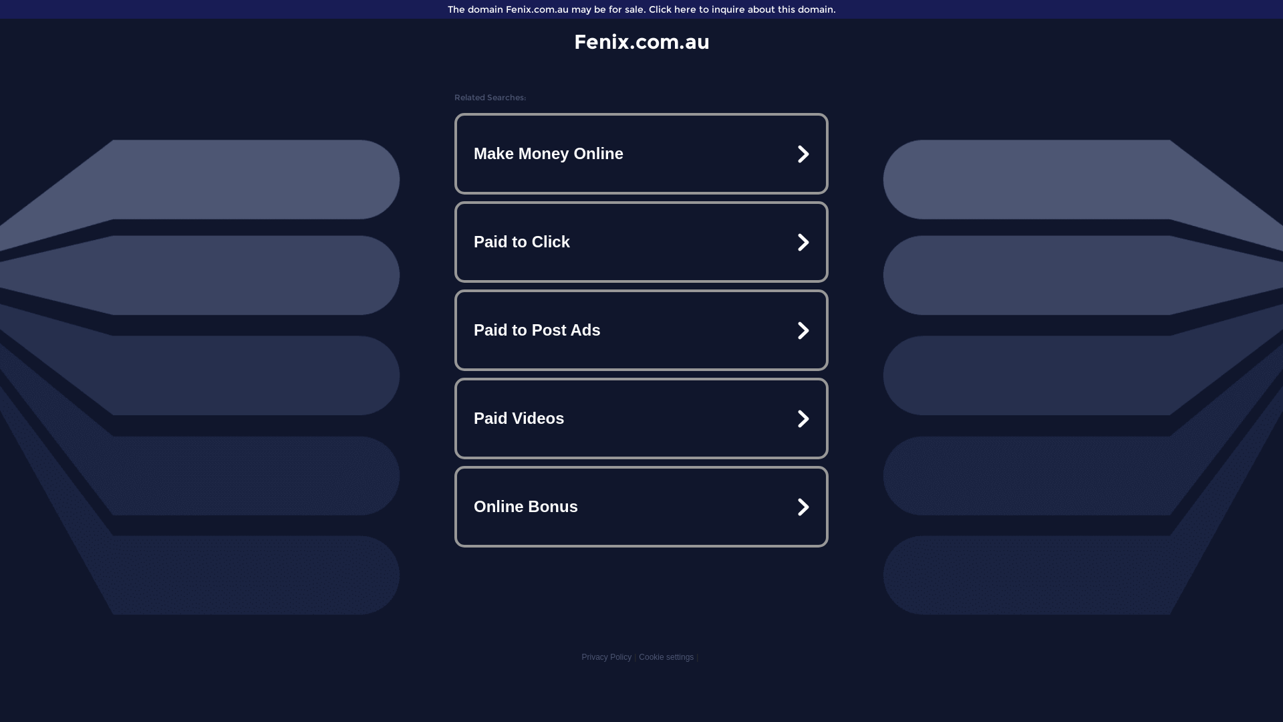  I want to click on 'Paid to Post Ads', so click(641, 330).